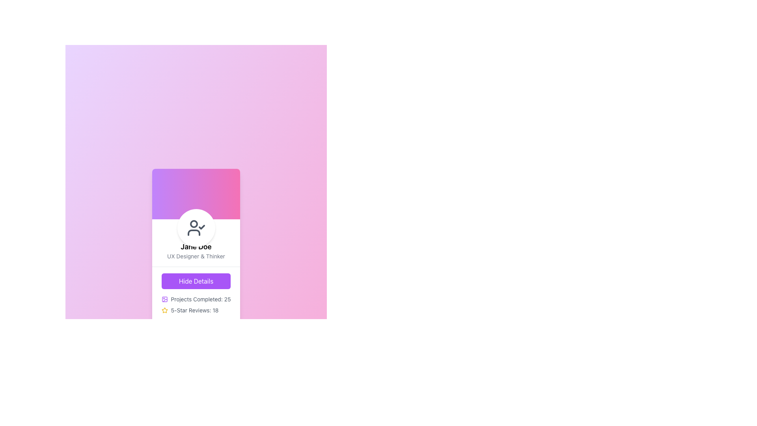 The width and height of the screenshot is (757, 426). What do you see at coordinates (164, 310) in the screenshot?
I see `the yellow star icon representing the 5-Star Reviews rating, which is the second icon in the horizontal alignment near the text '5-Star Reviews: 18'` at bounding box center [164, 310].